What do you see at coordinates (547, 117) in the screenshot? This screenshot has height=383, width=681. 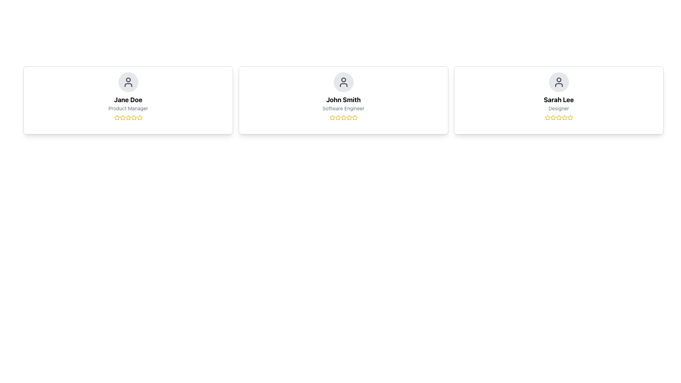 I see `the first yellow star icon with a hollow outline beneath the name 'Sarah Lee' and the title 'Designer' to rate it` at bounding box center [547, 117].